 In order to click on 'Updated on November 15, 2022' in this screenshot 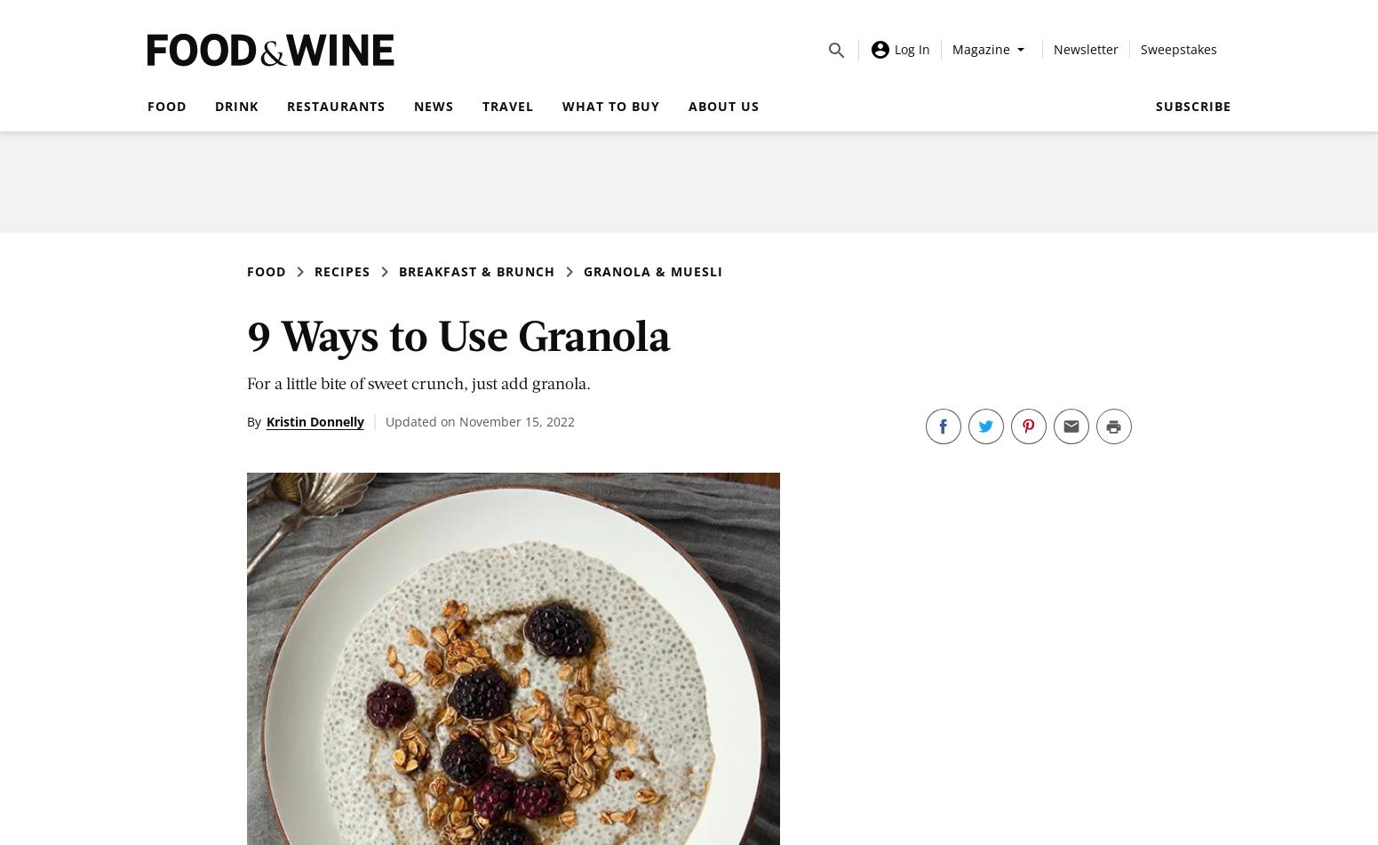, I will do `click(479, 421)`.